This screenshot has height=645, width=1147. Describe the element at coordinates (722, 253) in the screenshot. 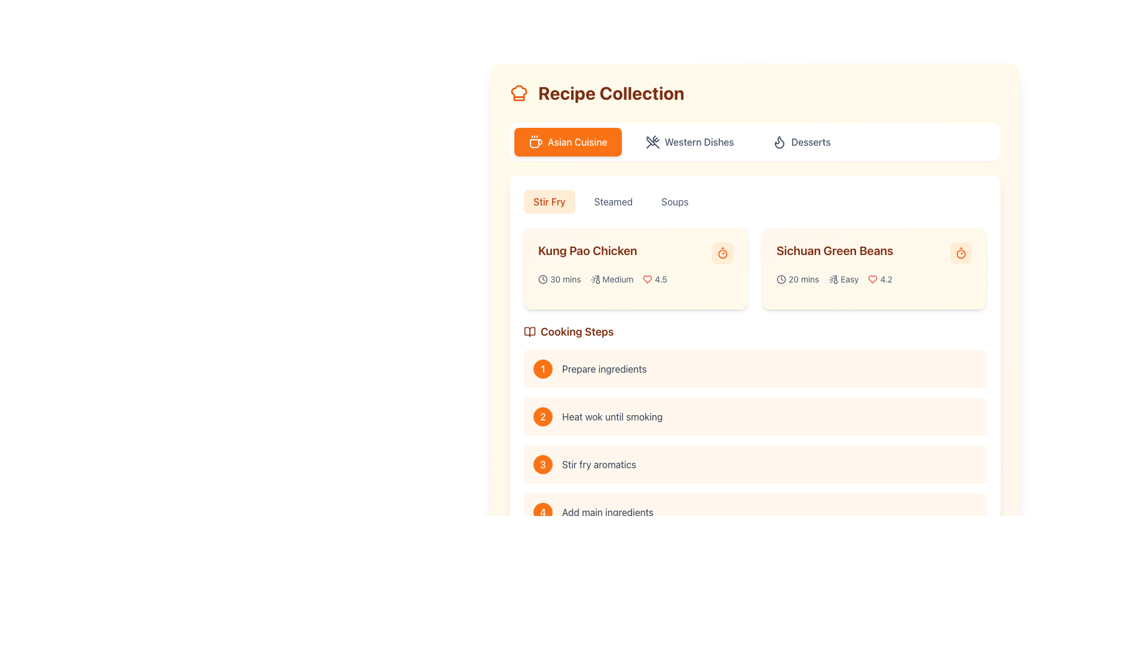

I see `the small circular icon button with a timer glyph in the center, located in the top-right corner of the 'Kung Pao Chicken' card` at that location.